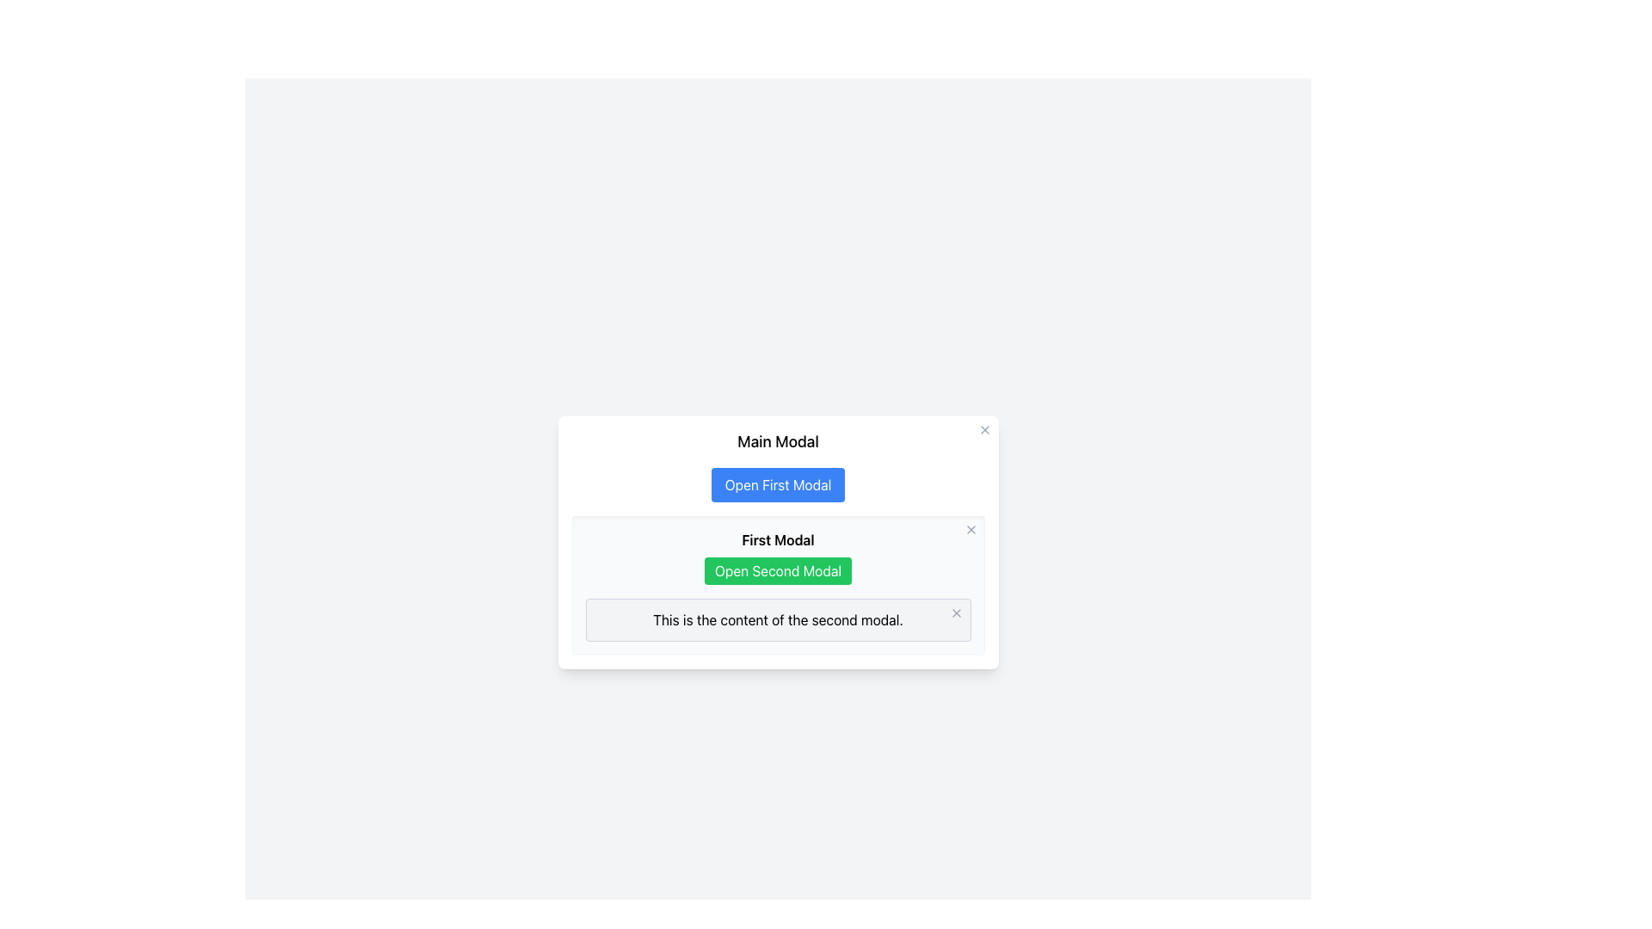 Image resolution: width=1652 pixels, height=929 pixels. Describe the element at coordinates (971, 529) in the screenshot. I see `the close button of the 'First Modal' dialog, located at the top-right corner of the modal, adjacent to the 'Open Second Modal' button` at that location.